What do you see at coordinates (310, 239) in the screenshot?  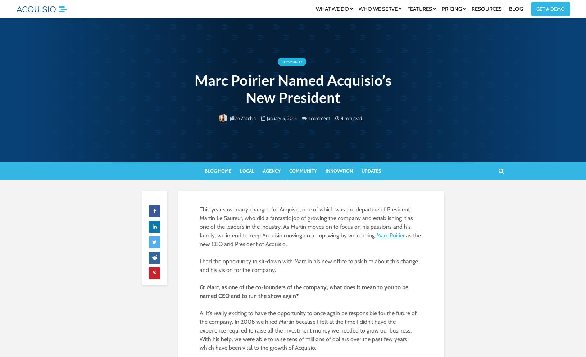 I see `'as the new CEO and President of Acquisio.'` at bounding box center [310, 239].